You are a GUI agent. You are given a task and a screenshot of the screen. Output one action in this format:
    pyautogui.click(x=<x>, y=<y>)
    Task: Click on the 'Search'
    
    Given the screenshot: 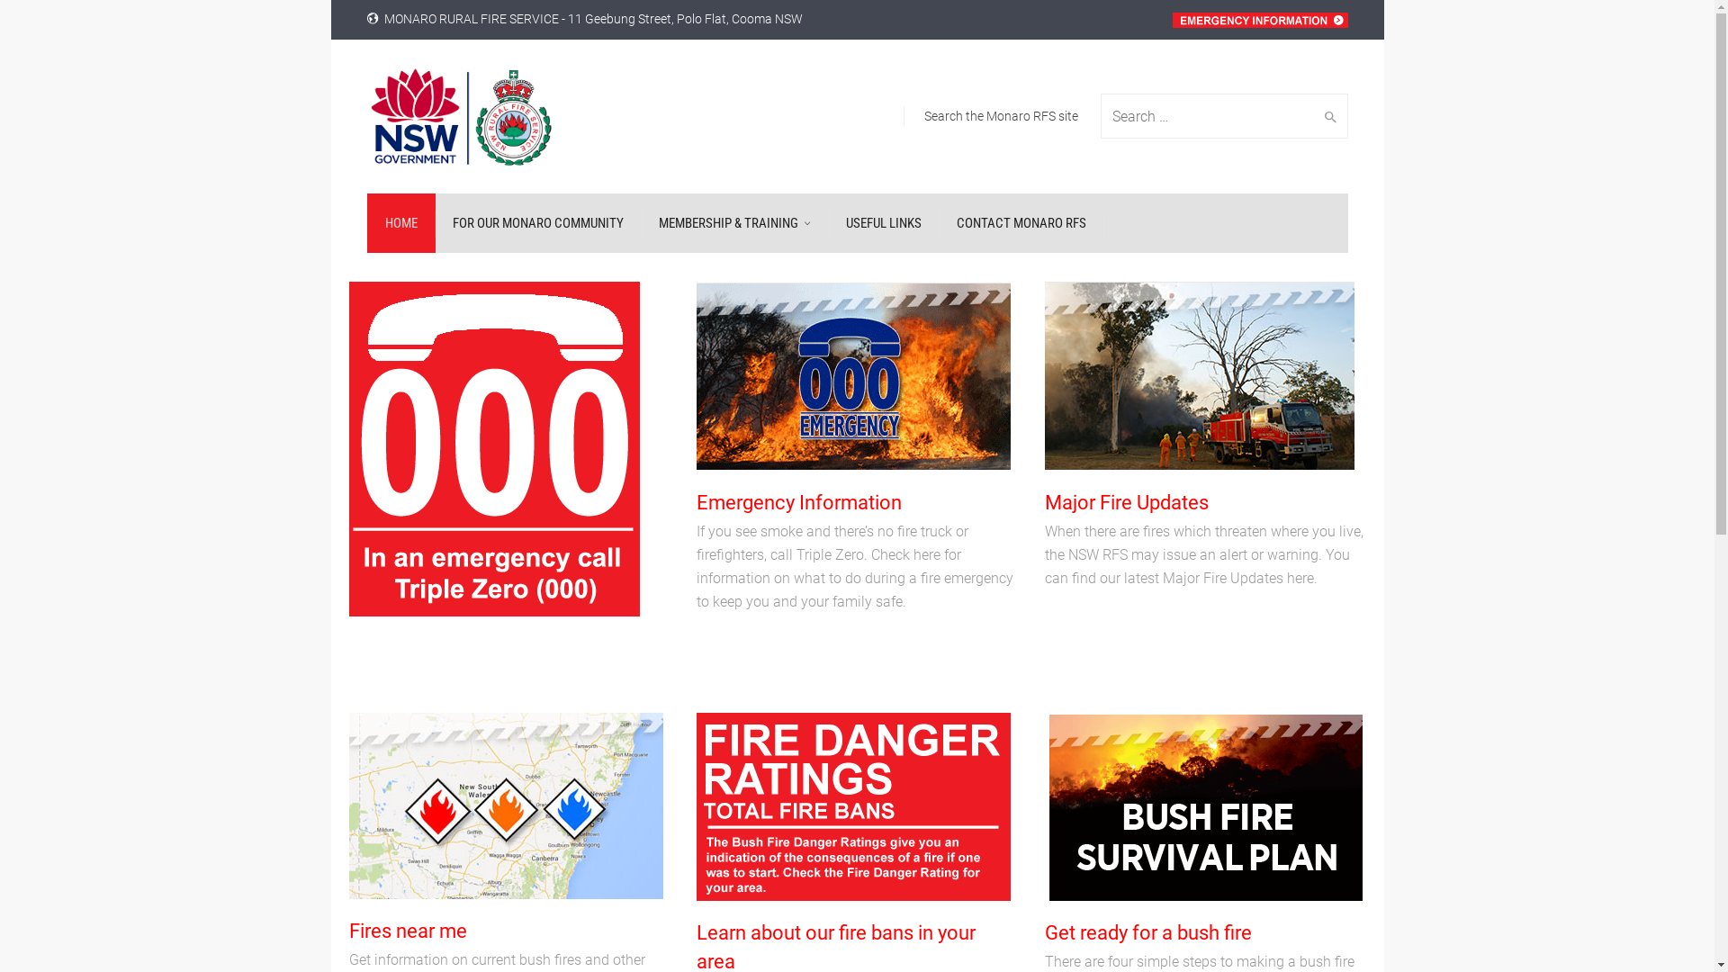 What is the action you would take?
    pyautogui.click(x=1326, y=115)
    